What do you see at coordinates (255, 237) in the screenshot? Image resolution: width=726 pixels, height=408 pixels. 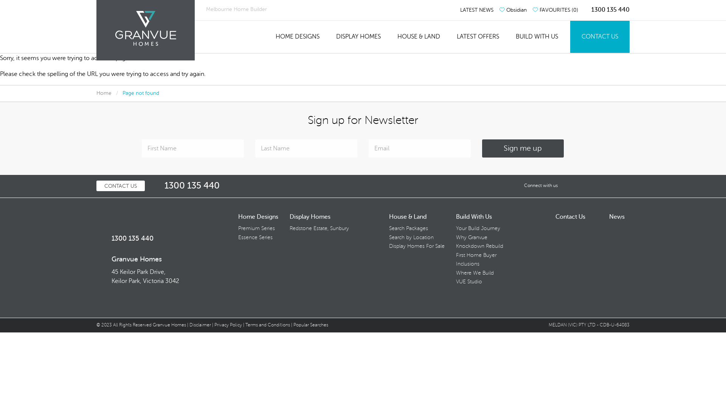 I see `'Essence Series'` at bounding box center [255, 237].